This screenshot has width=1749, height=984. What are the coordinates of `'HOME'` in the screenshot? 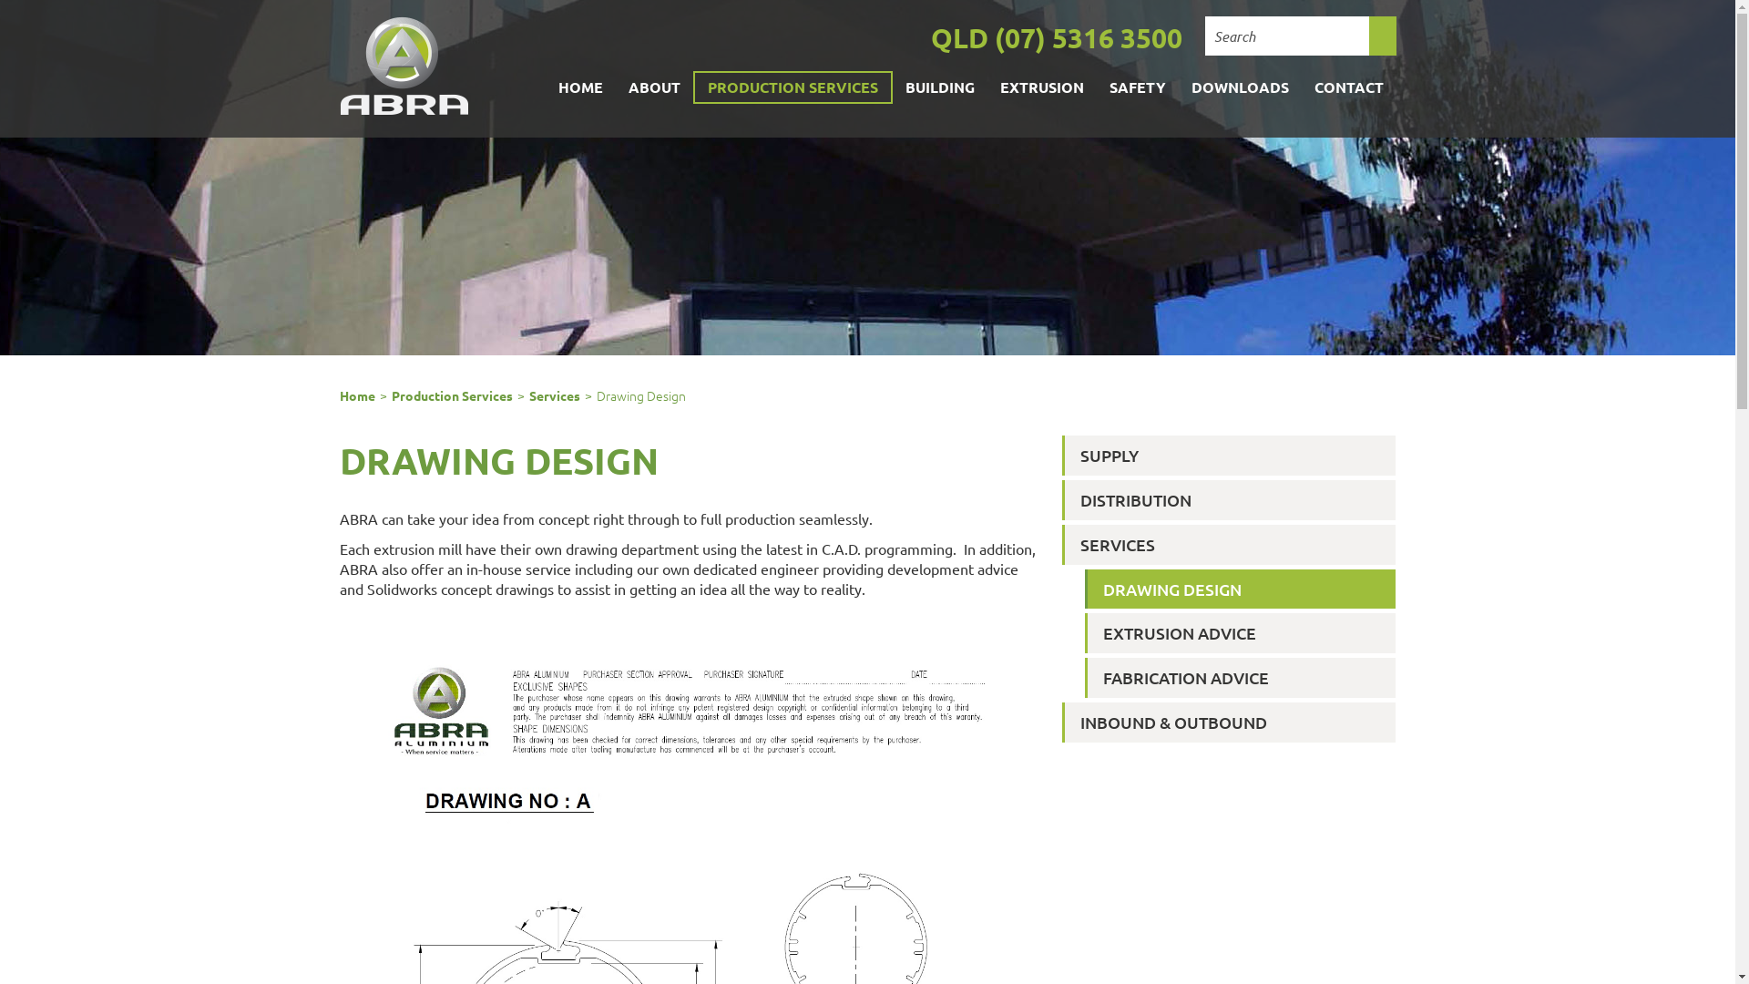 It's located at (578, 87).